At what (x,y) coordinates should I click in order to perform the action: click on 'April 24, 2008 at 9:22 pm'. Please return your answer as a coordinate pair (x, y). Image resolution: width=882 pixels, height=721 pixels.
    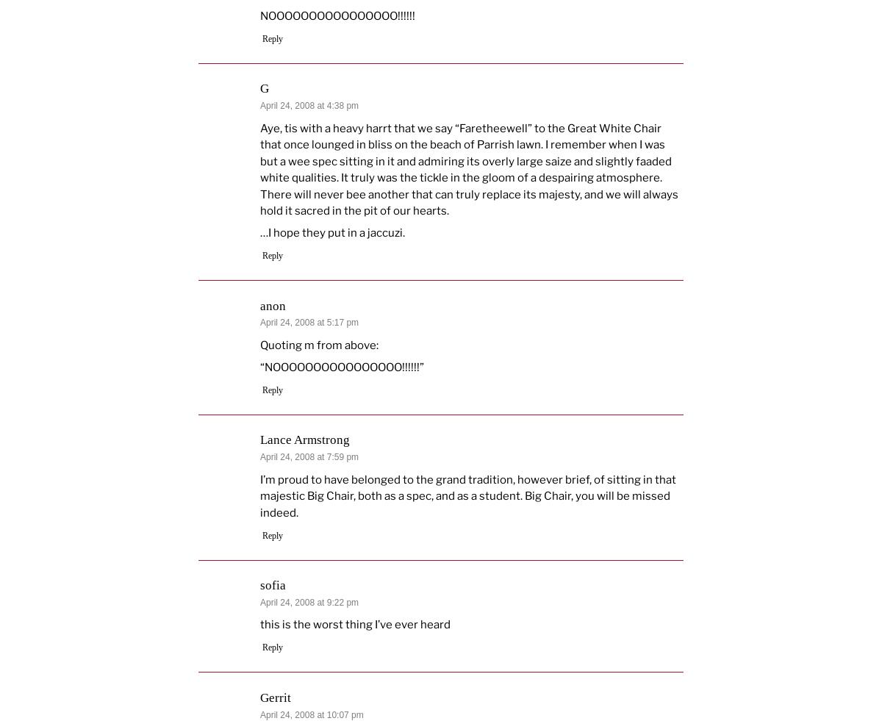
    Looking at the image, I should click on (309, 602).